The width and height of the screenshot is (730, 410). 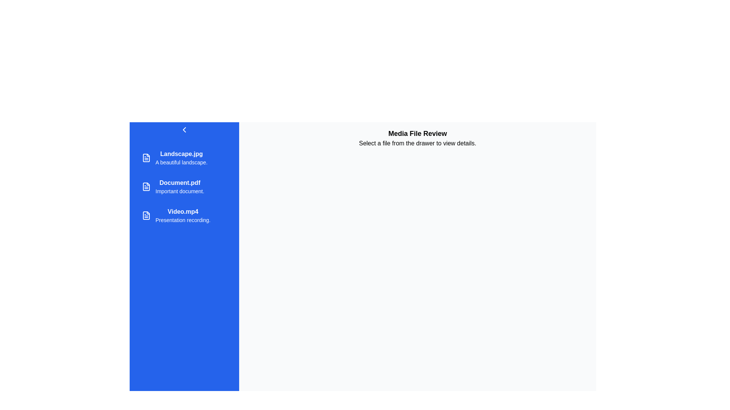 I want to click on the bold-styled text labeled 'Landscape.jpg' displayed on a blue background, so click(x=181, y=154).